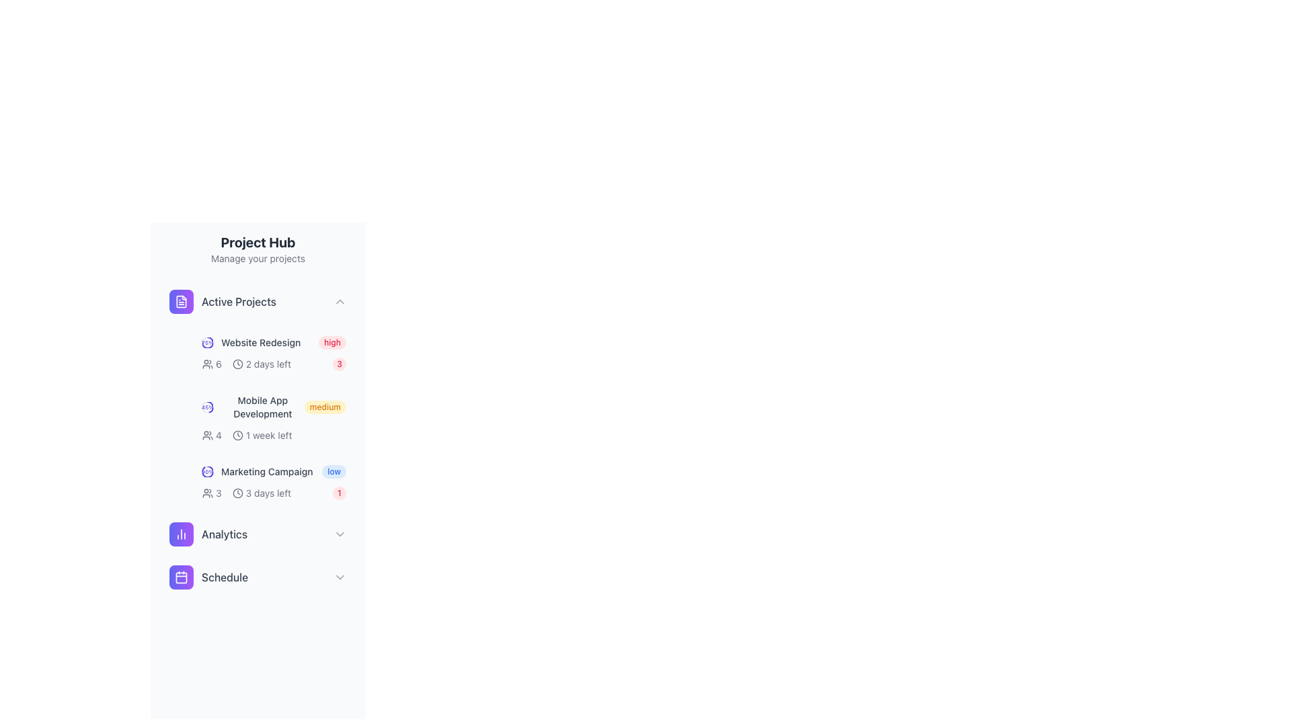  Describe the element at coordinates (180, 300) in the screenshot. I see `the SVG icon resembling a file with text lines, styled with a purple gradient background, located under the 'Active Projects' section in the left sidebar` at that location.